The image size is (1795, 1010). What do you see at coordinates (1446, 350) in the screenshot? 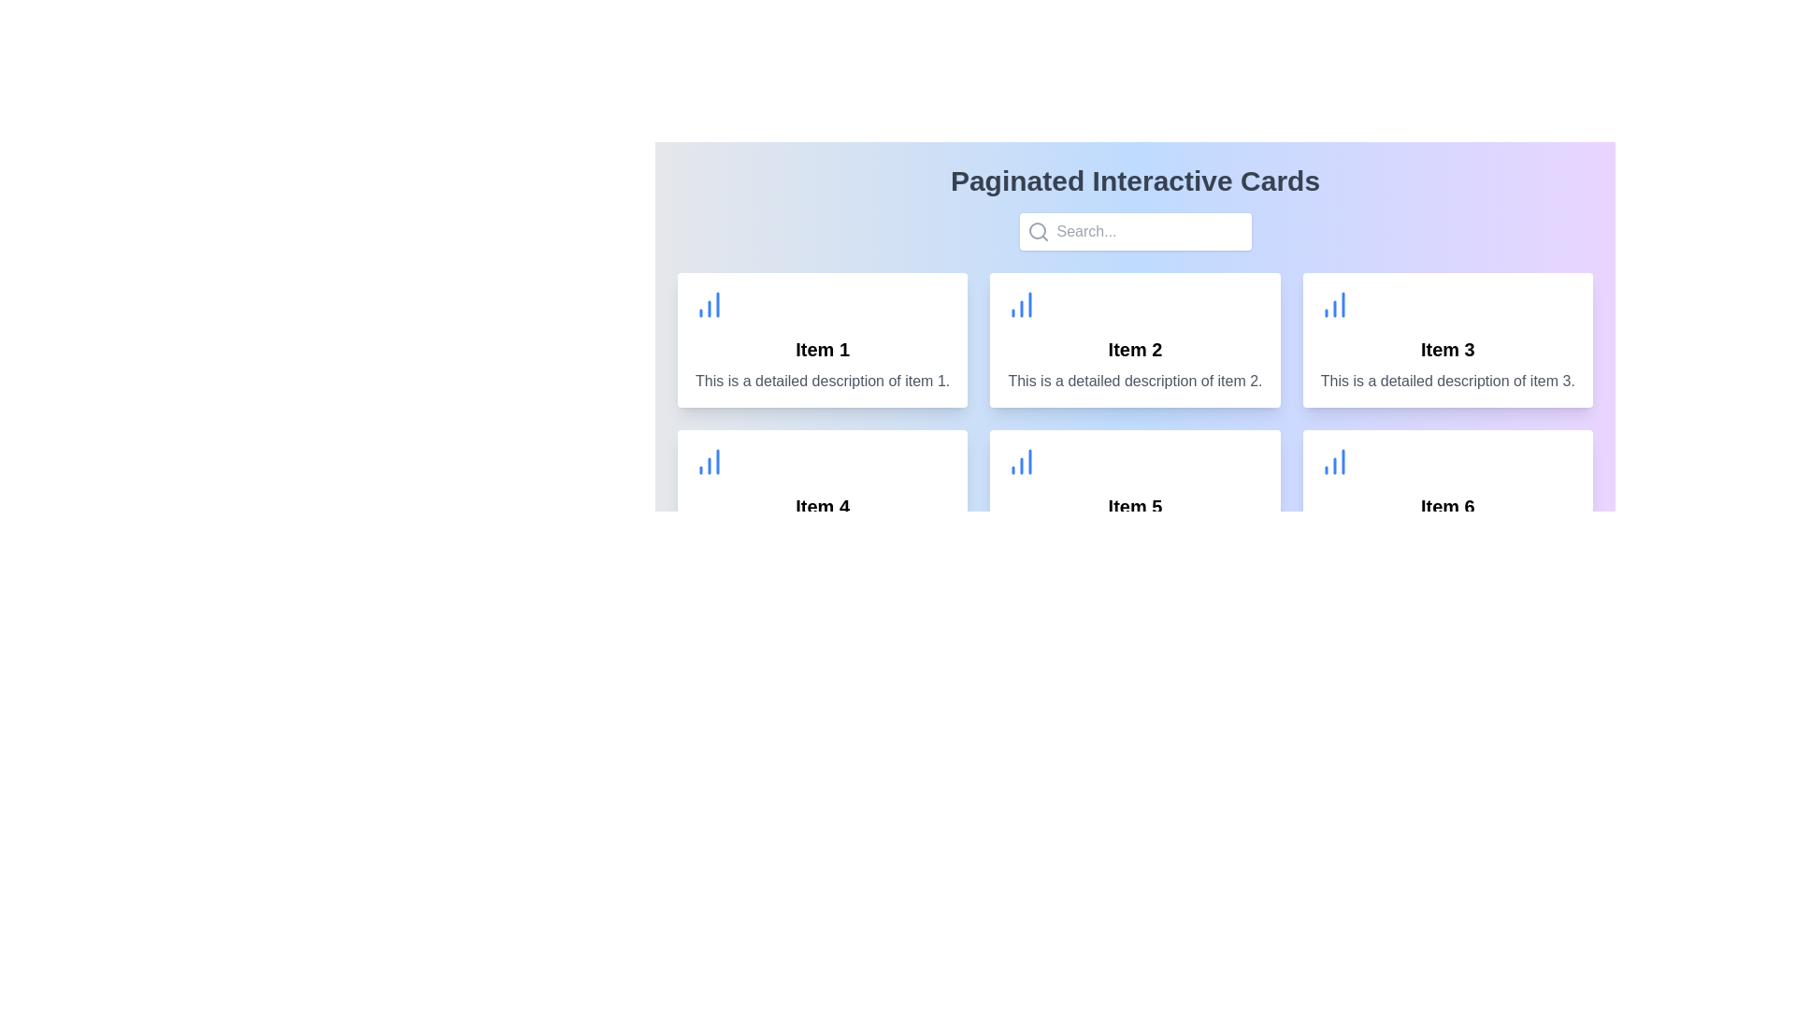
I see `the title/header text element located in the center area of the card labeled 'Item 3', which is positioned below the icon and above the description text` at bounding box center [1446, 350].